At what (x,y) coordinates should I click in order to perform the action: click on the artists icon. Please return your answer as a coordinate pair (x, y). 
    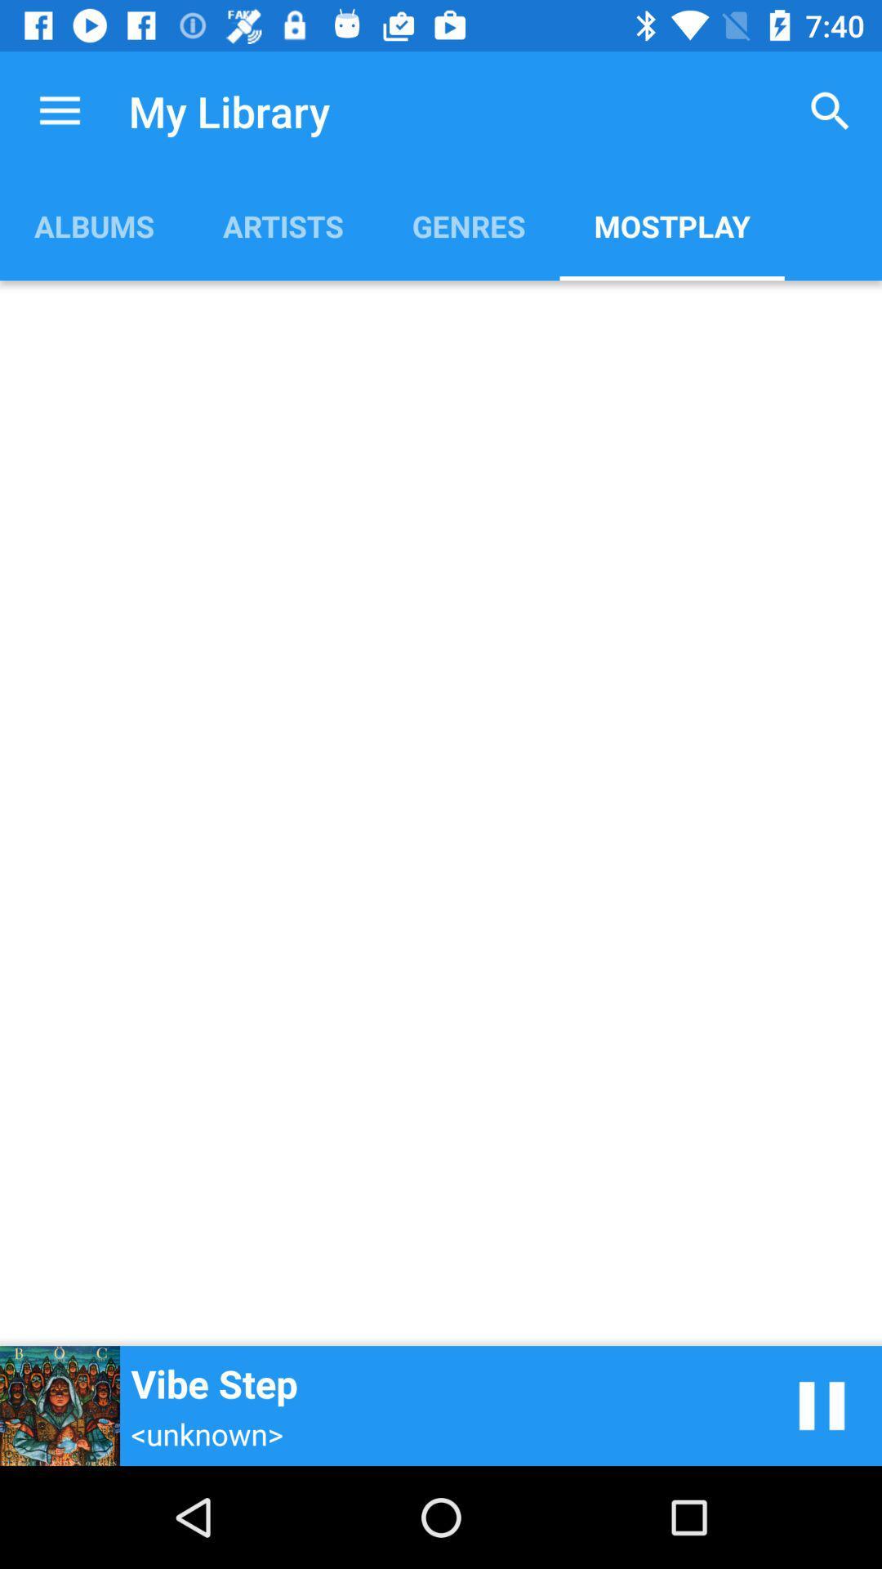
    Looking at the image, I should click on (282, 225).